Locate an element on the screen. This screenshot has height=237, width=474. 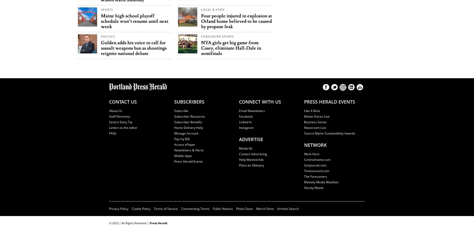
'Newsroom Live' is located at coordinates (314, 127).